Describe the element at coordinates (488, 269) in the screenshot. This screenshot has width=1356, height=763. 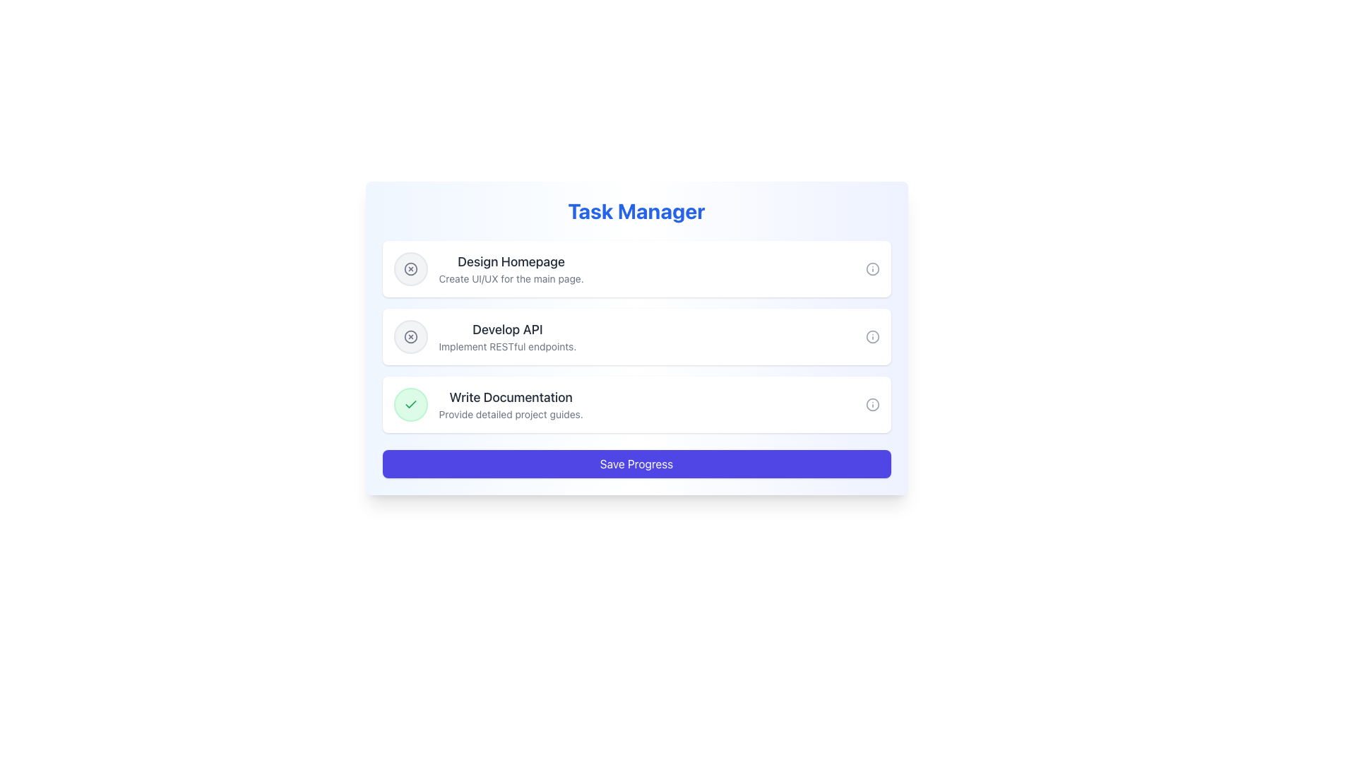
I see `the Task item section displaying the title 'Design Homepage'` at that location.